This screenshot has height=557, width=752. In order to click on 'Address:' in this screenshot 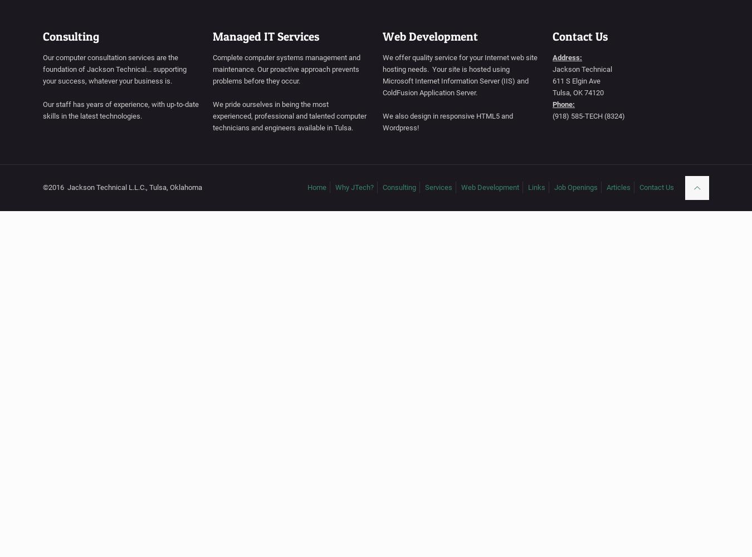, I will do `click(567, 57)`.